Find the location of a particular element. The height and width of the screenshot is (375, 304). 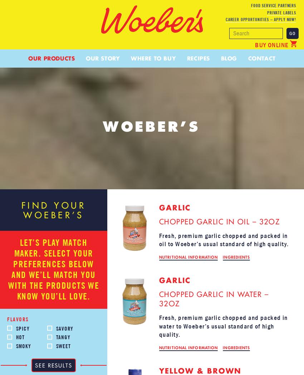

'CHOPPED GARLIC IN OIL – 32OZ' is located at coordinates (219, 221).